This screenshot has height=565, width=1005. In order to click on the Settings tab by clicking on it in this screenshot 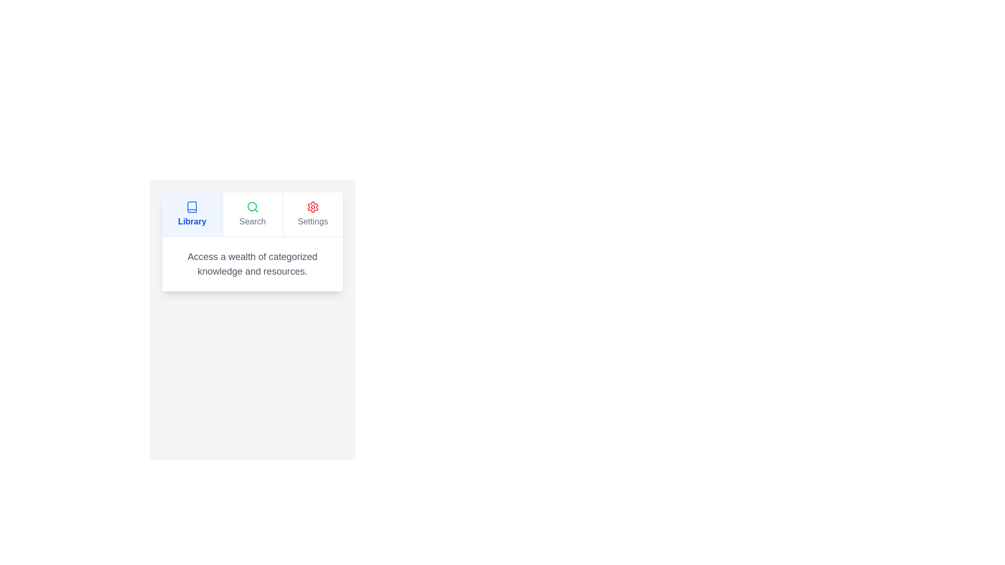, I will do `click(311, 213)`.